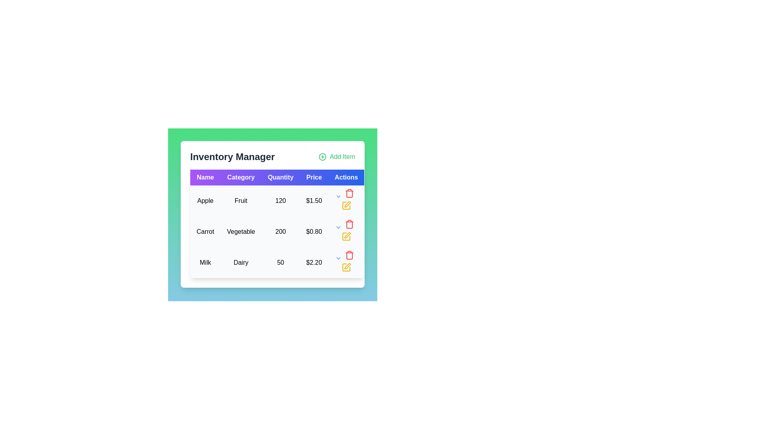 The image size is (761, 428). I want to click on the 'Actions' label in the table header, which is styled with bold white text on a blue background and is the rightmost cell in the top row under 'Inventory Manager', so click(346, 177).